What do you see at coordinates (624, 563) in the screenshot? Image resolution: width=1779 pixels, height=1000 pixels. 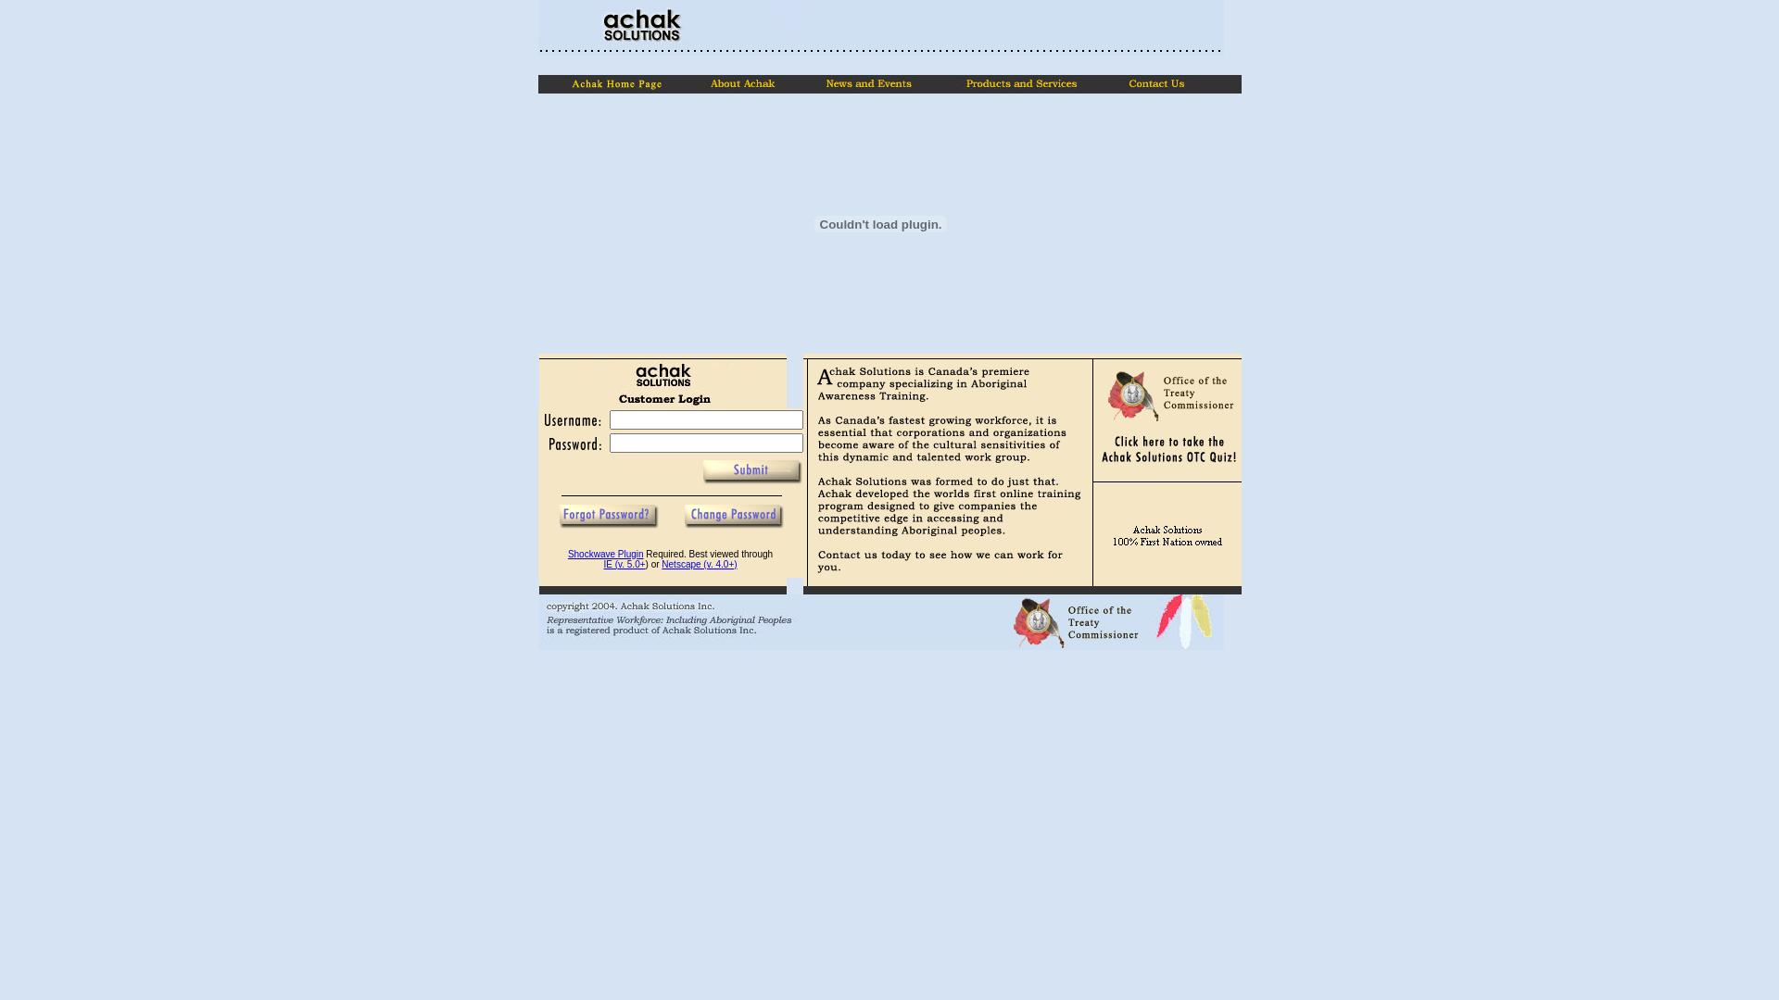 I see `'IE (v. 5.0+'` at bounding box center [624, 563].